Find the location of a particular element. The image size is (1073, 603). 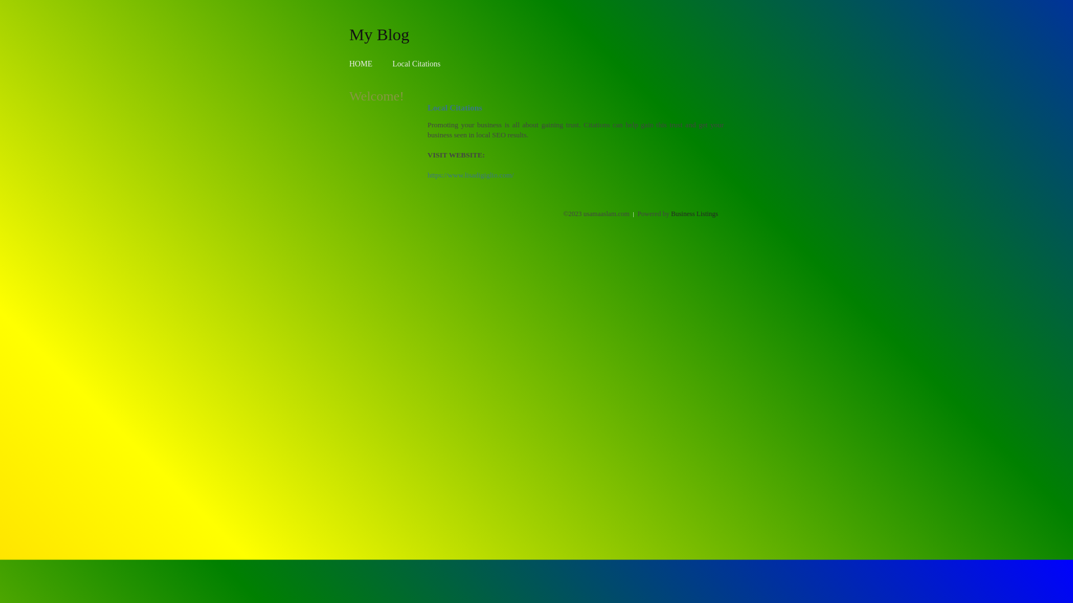

'My Blog' is located at coordinates (379, 33).